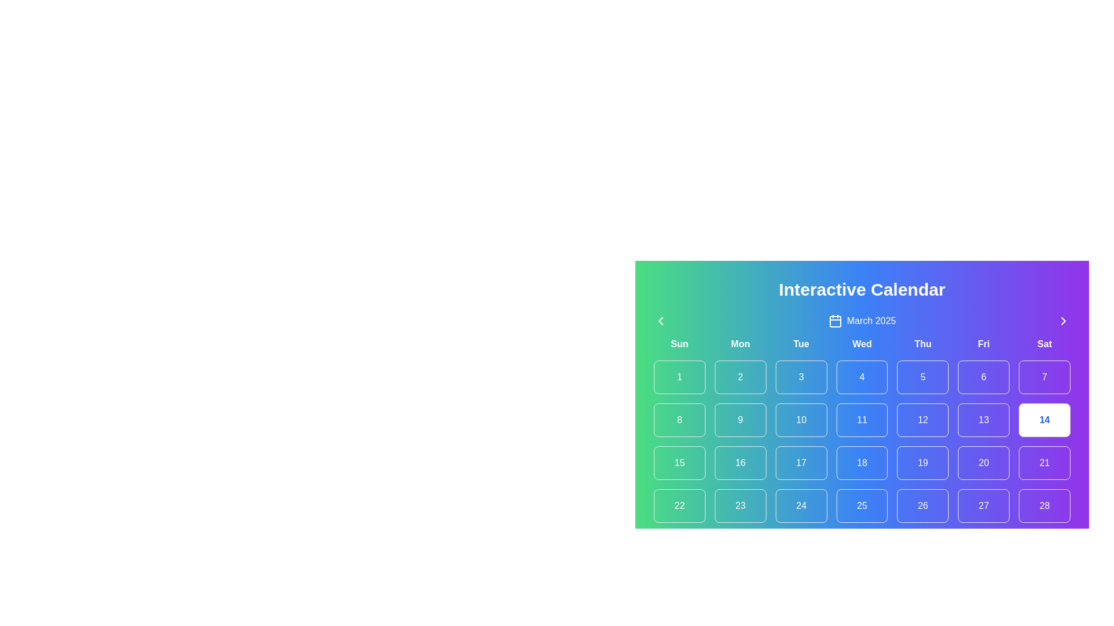 Image resolution: width=1114 pixels, height=626 pixels. Describe the element at coordinates (862, 321) in the screenshot. I see `Label with icon that displays the currently selected month and year, specifically showing 'March 2025' in the calendar interface` at that location.